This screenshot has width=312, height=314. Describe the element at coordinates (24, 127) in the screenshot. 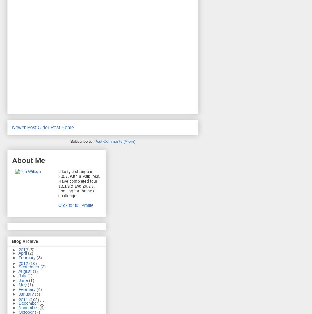

I see `'Newer Post'` at that location.